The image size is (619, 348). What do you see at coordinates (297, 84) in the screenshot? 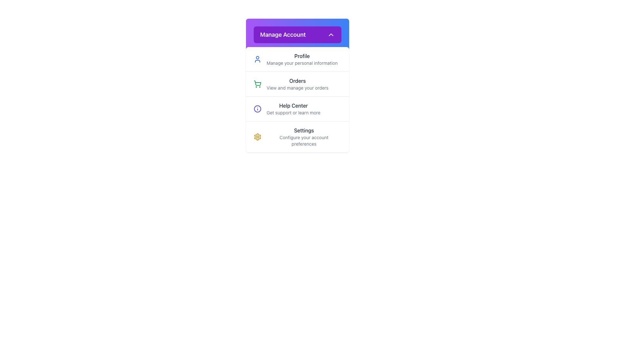
I see `'Orders' text label which is bold and located beneath the 'Profile' item in the 'Manage Account' section` at bounding box center [297, 84].